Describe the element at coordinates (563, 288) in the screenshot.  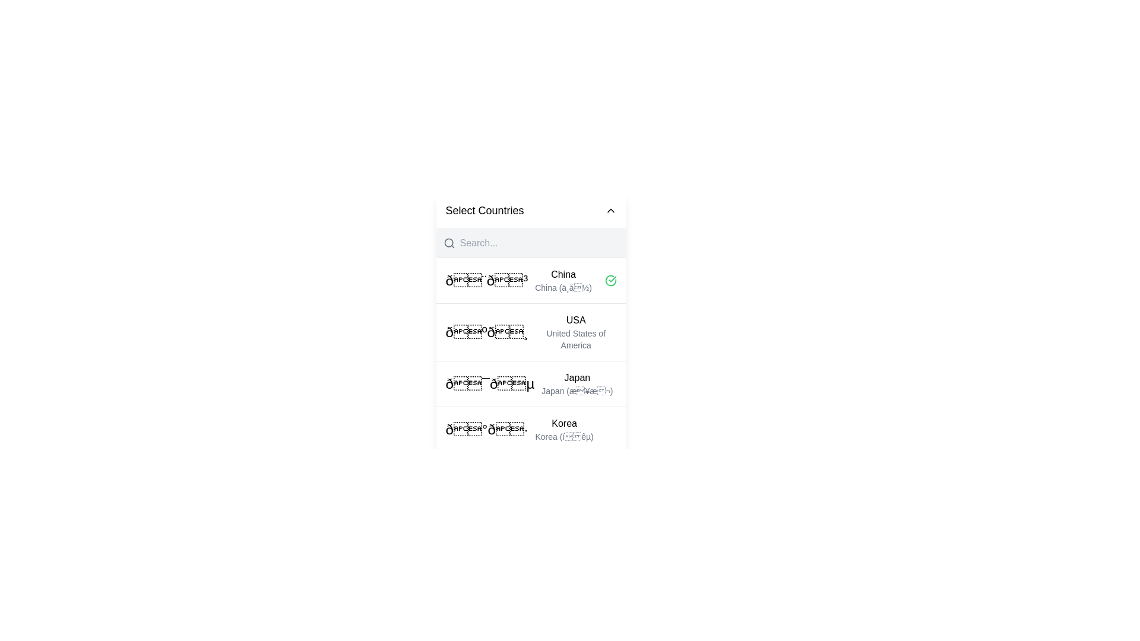
I see `the static text label displaying 'China (ä¸adå 9b½)', which is the second line beneath 'China' in a vertical list` at that location.